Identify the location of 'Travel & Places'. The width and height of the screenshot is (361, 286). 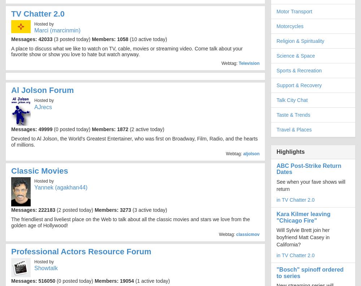
(277, 129).